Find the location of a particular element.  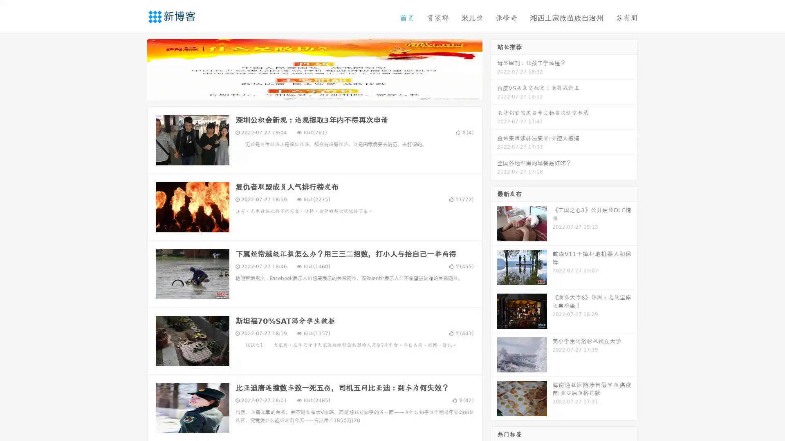

Previous slide is located at coordinates (135, 69).